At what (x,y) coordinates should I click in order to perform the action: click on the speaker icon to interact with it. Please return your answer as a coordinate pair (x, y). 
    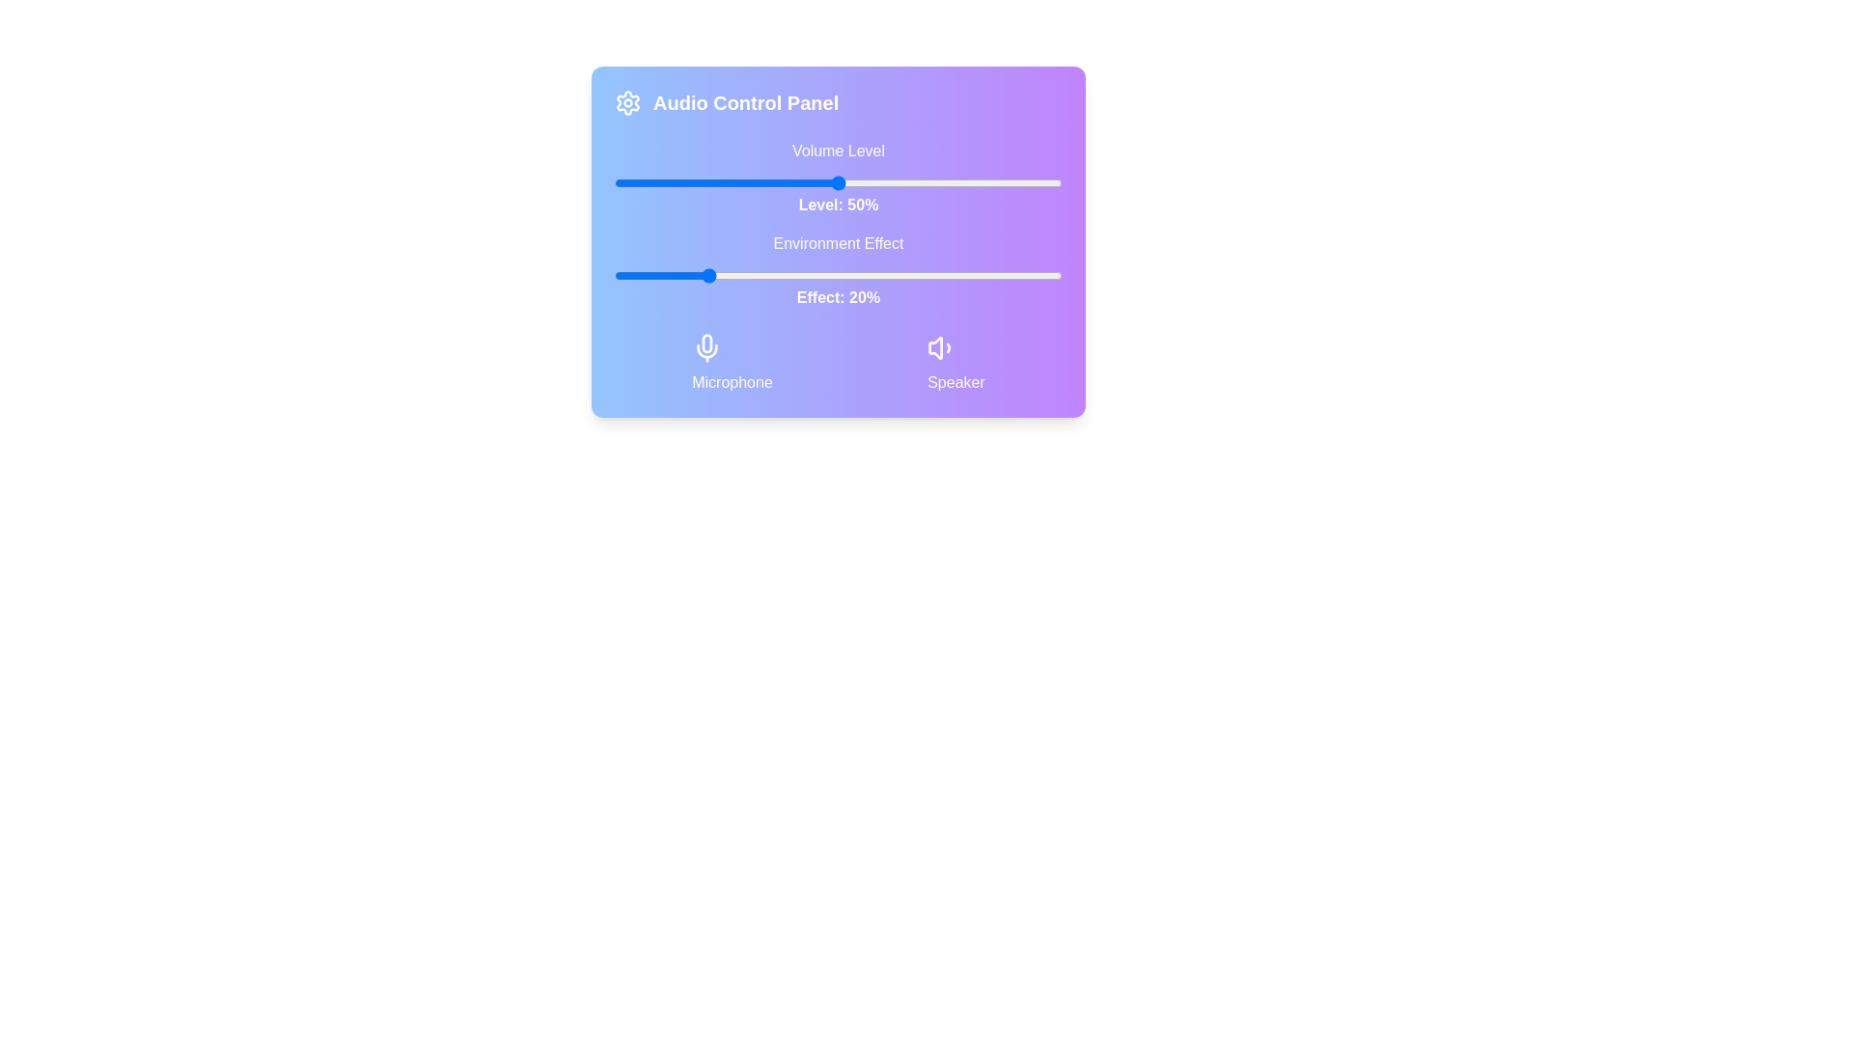
    Looking at the image, I should click on (954, 364).